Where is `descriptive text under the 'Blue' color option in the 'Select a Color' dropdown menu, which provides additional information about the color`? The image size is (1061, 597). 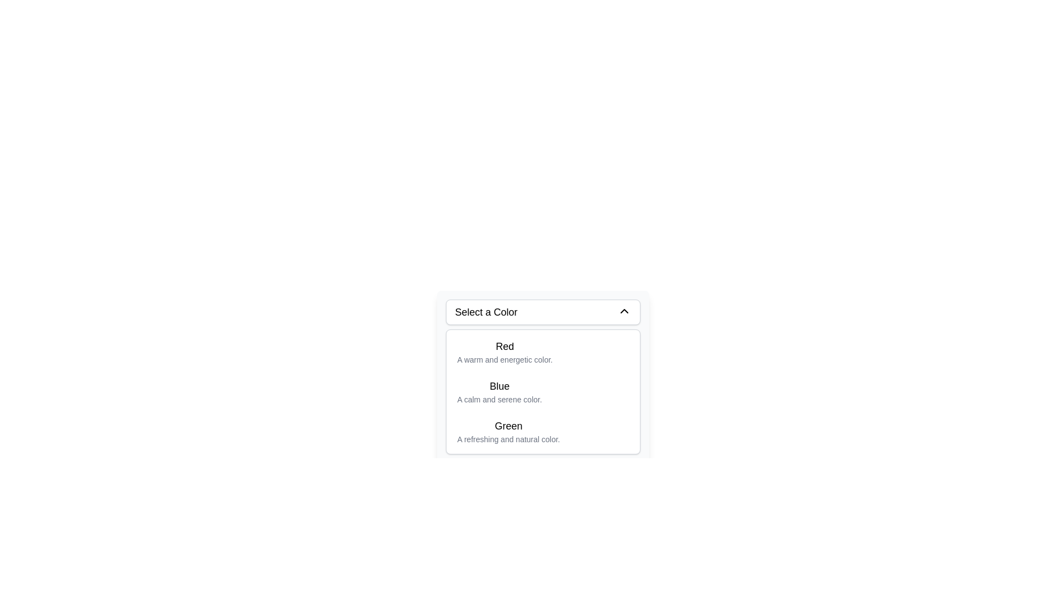 descriptive text under the 'Blue' color option in the 'Select a Color' dropdown menu, which provides additional information about the color is located at coordinates (499, 399).